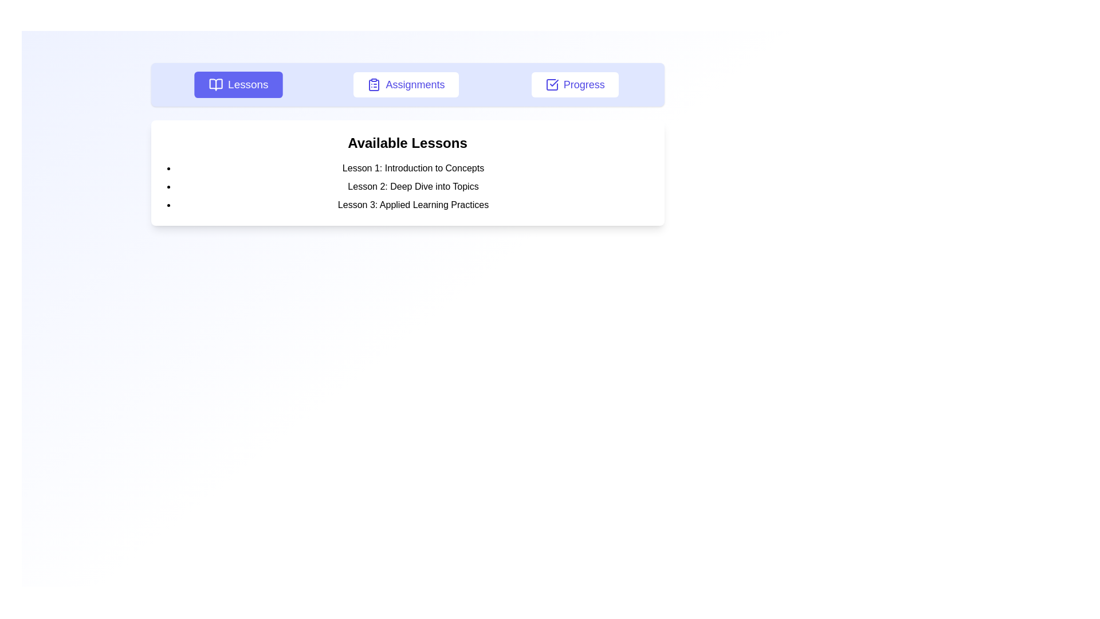 The width and height of the screenshot is (1100, 619). Describe the element at coordinates (247, 84) in the screenshot. I see `the 'Lessons' text label inside the button with a purple background` at that location.